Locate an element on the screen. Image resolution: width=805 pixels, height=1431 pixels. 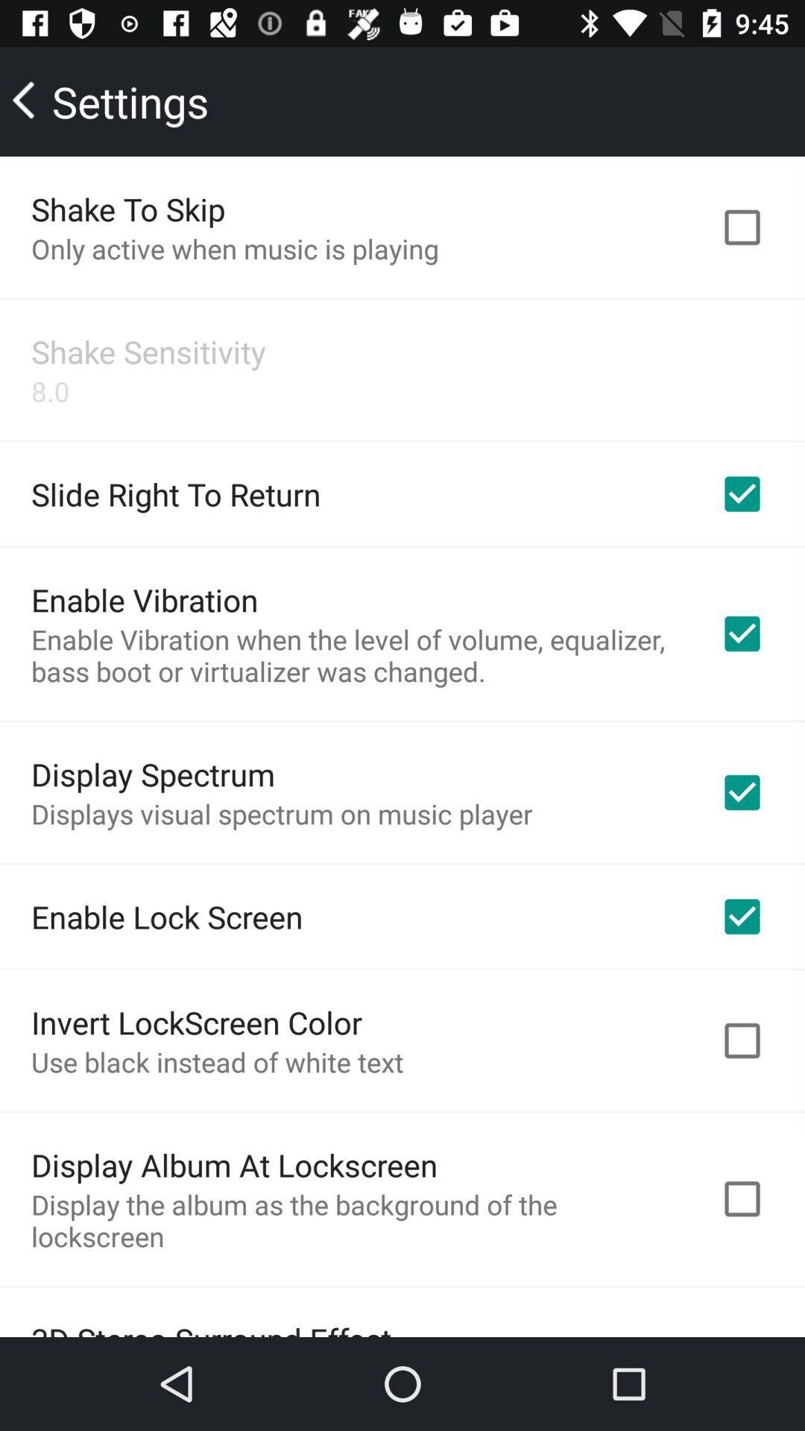
the shake sensitivity item is located at coordinates (148, 350).